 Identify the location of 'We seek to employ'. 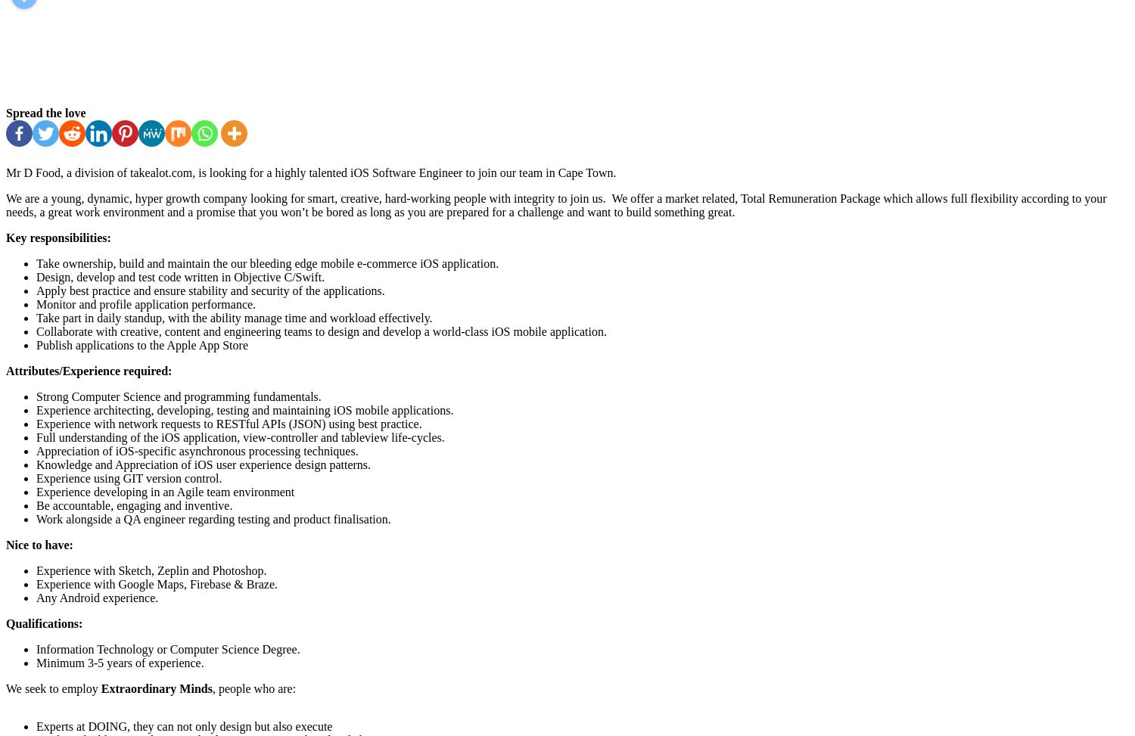
(5, 688).